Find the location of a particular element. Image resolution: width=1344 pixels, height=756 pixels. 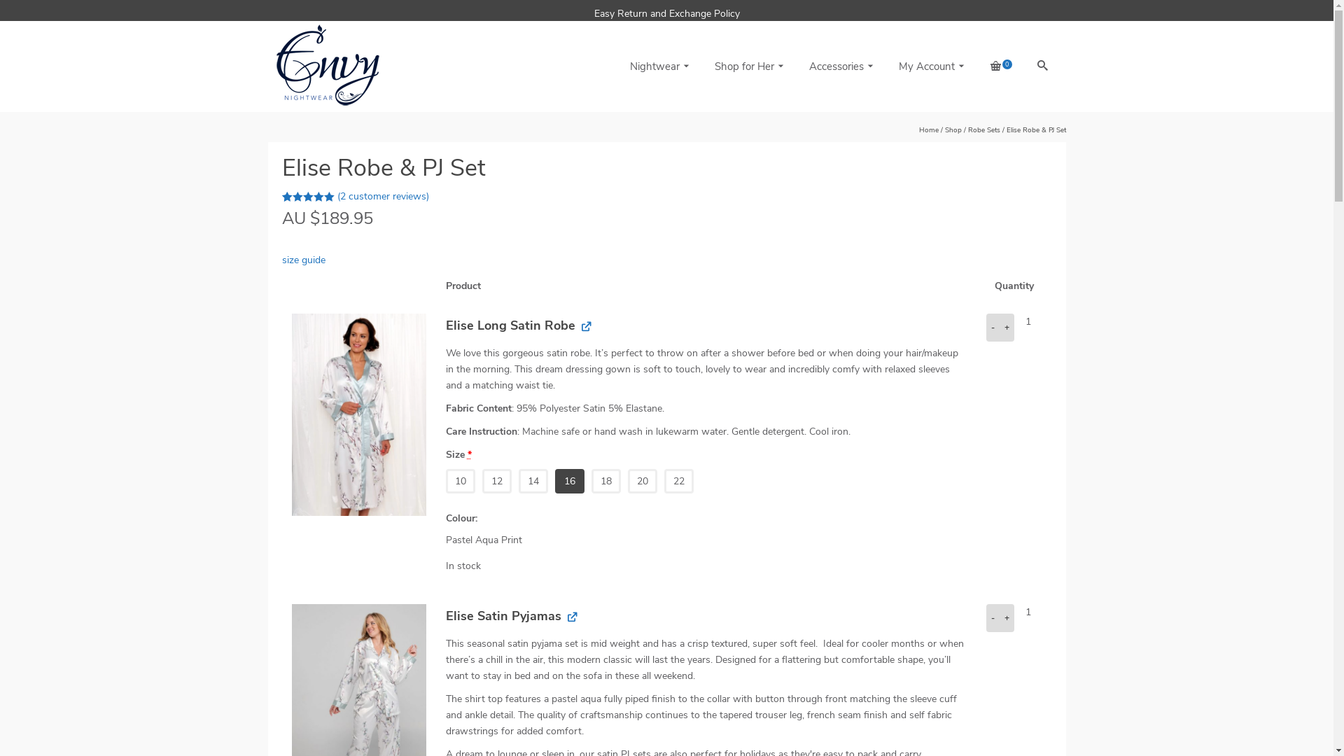

'(2 customer reviews)' is located at coordinates (383, 196).